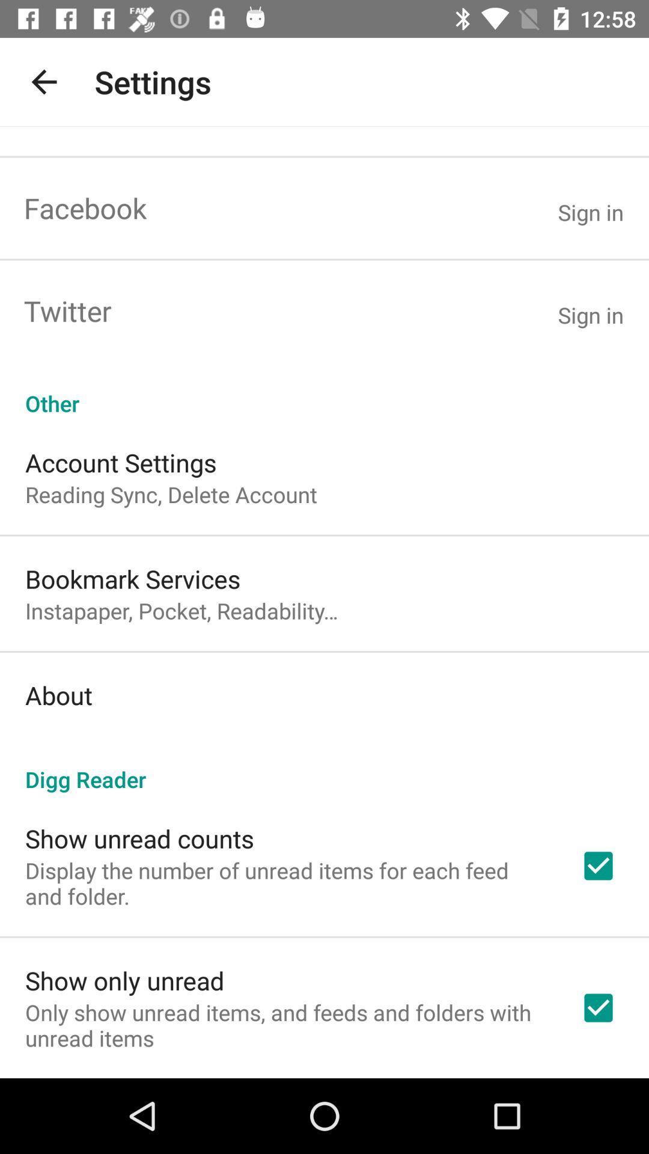  What do you see at coordinates (67, 311) in the screenshot?
I see `twitter icon` at bounding box center [67, 311].